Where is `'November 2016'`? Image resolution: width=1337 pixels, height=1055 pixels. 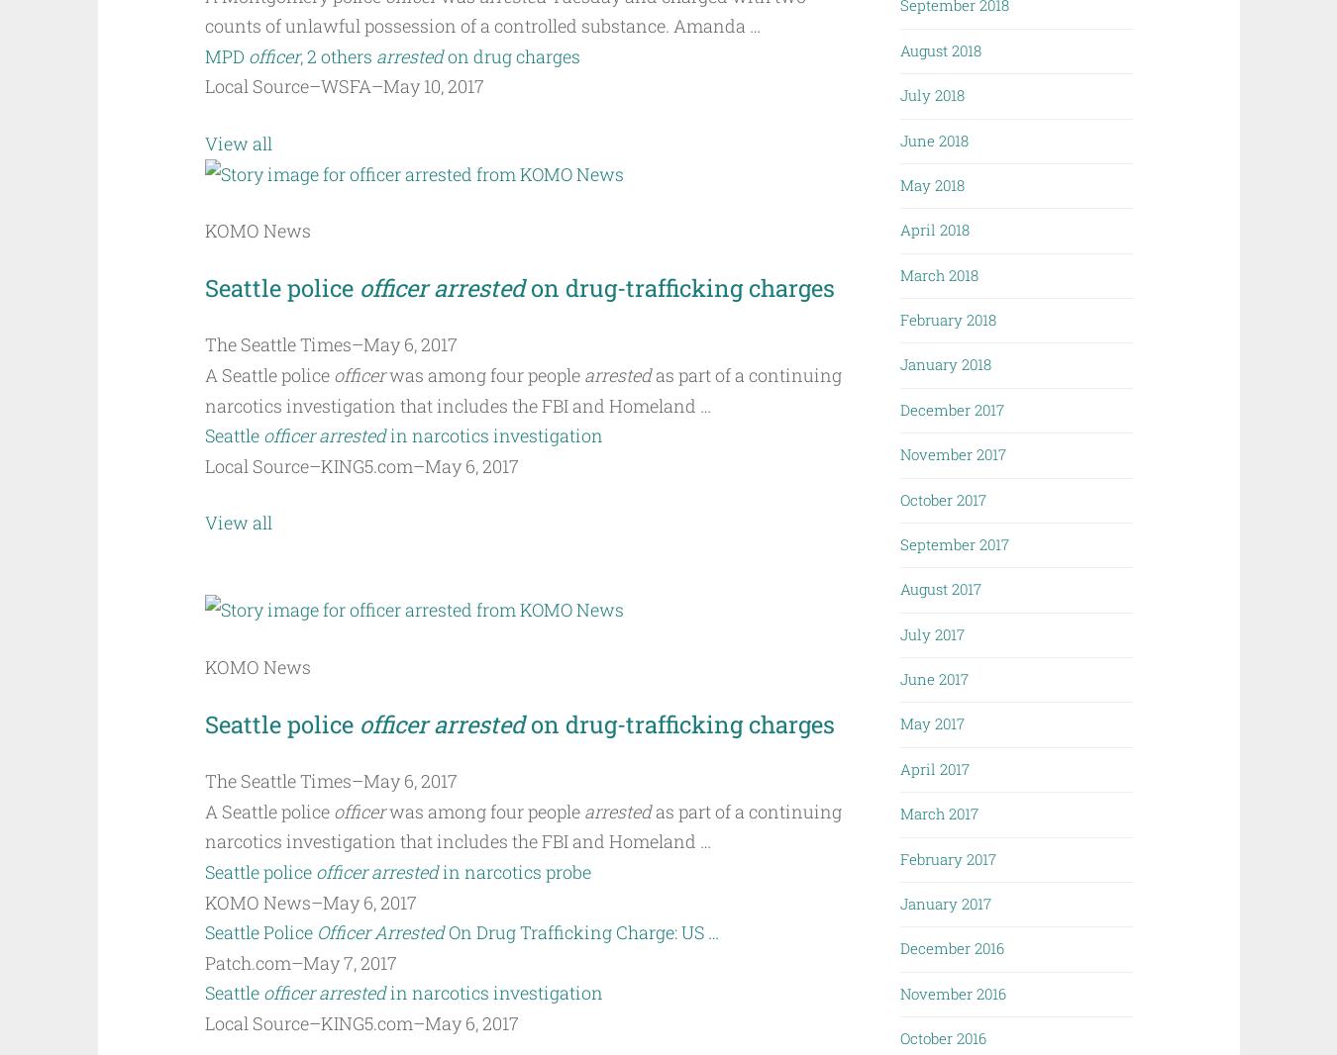
'November 2016' is located at coordinates (952, 992).